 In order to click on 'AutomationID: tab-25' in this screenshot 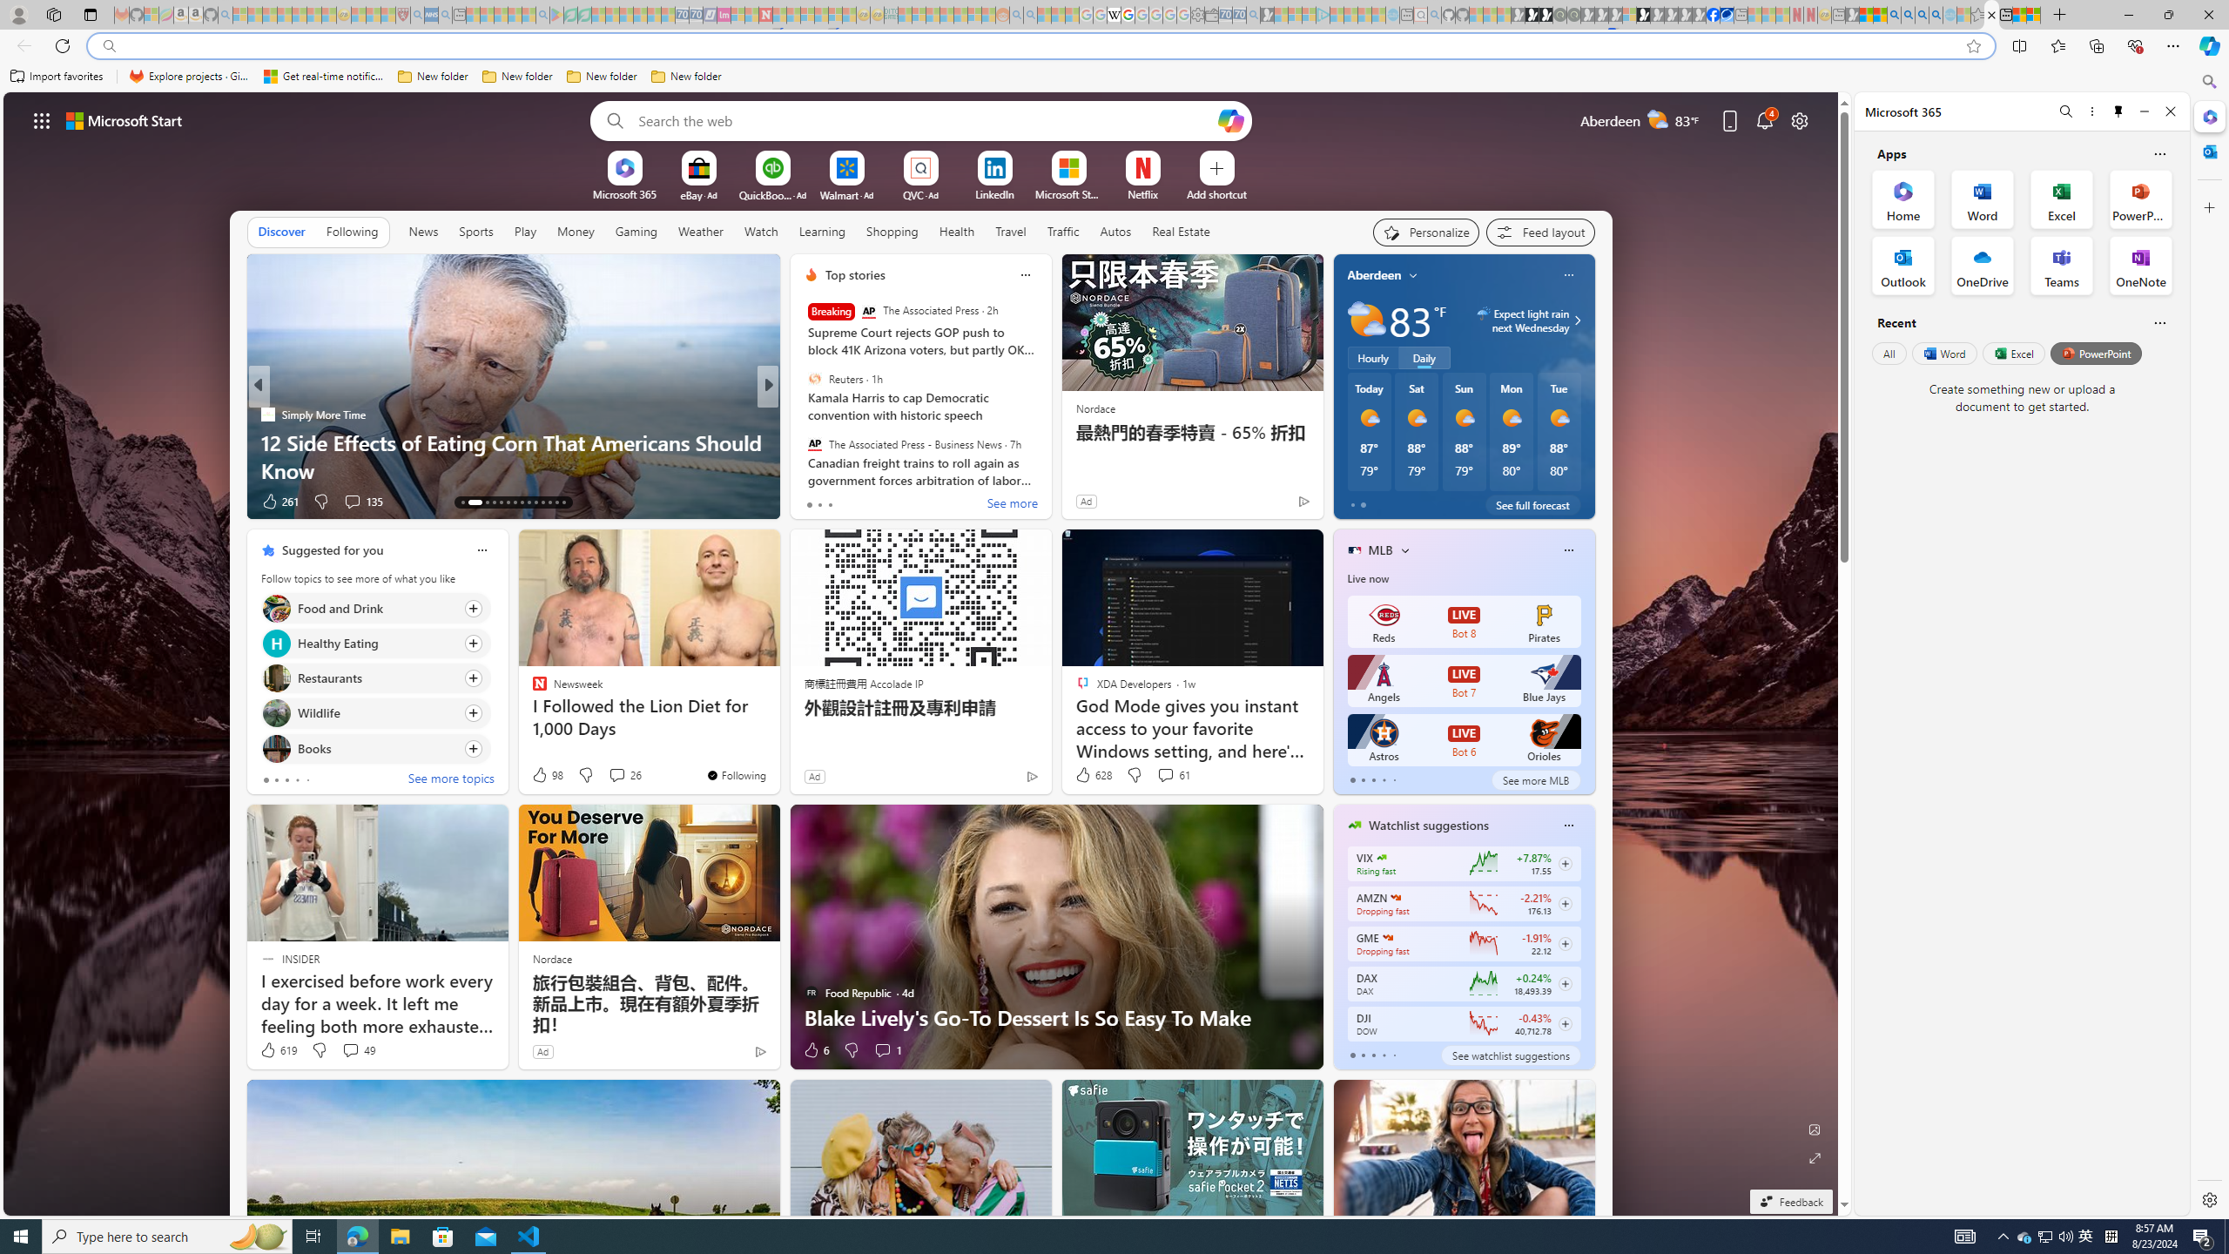, I will do `click(557, 502)`.